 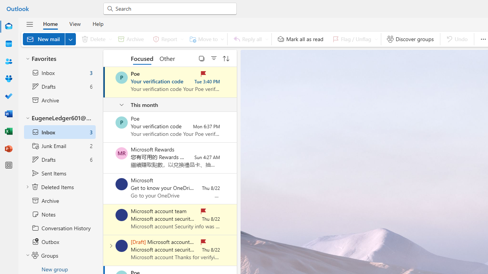 I want to click on 'Word', so click(x=9, y=113).